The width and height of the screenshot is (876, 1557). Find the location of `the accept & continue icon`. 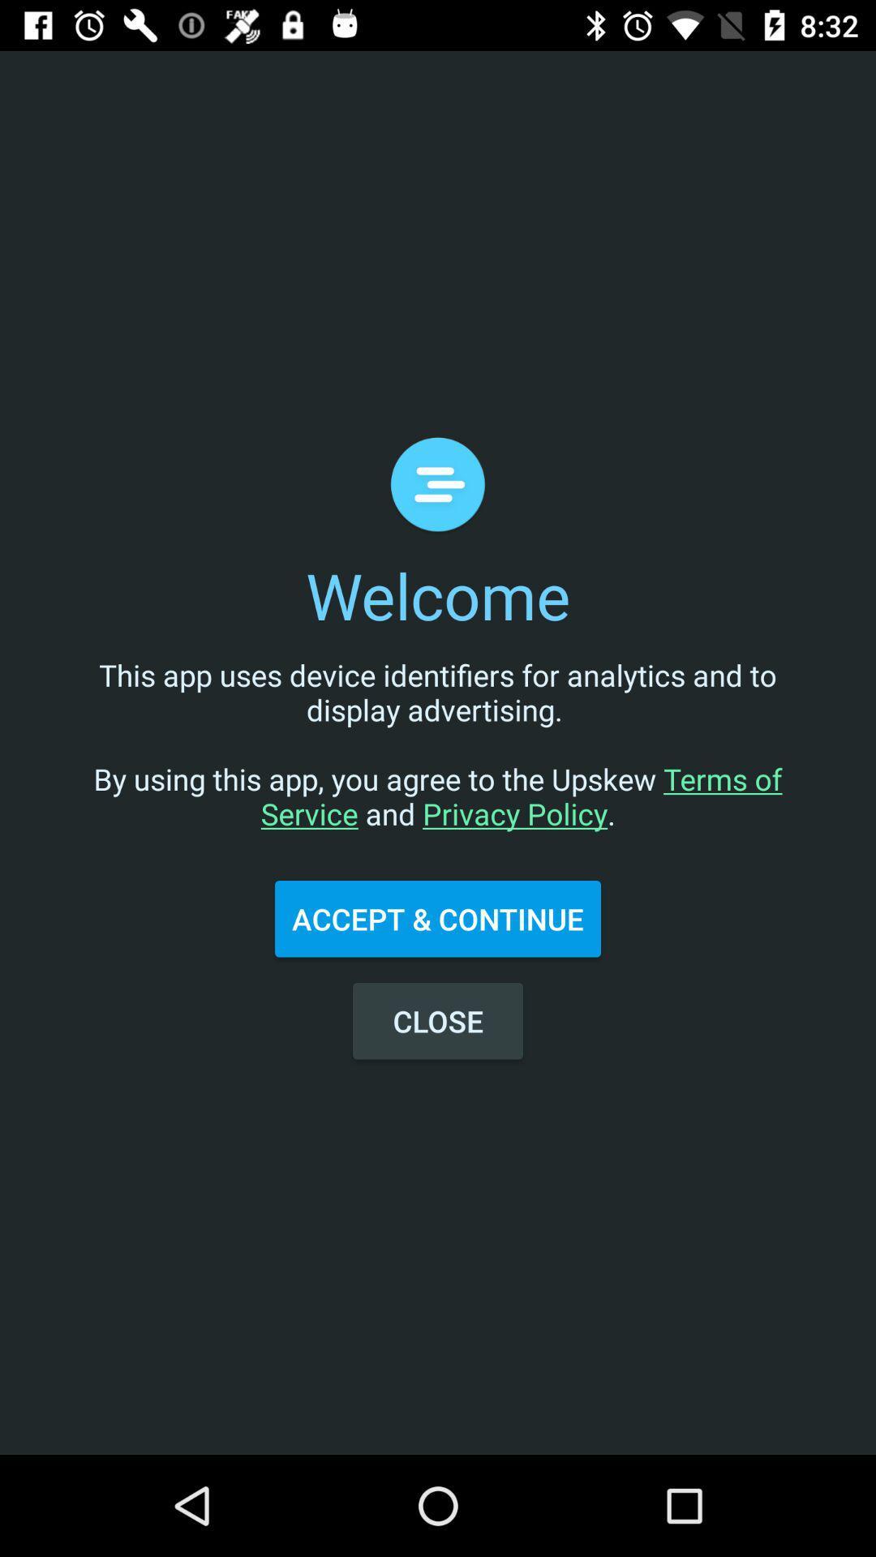

the accept & continue icon is located at coordinates (438, 919).